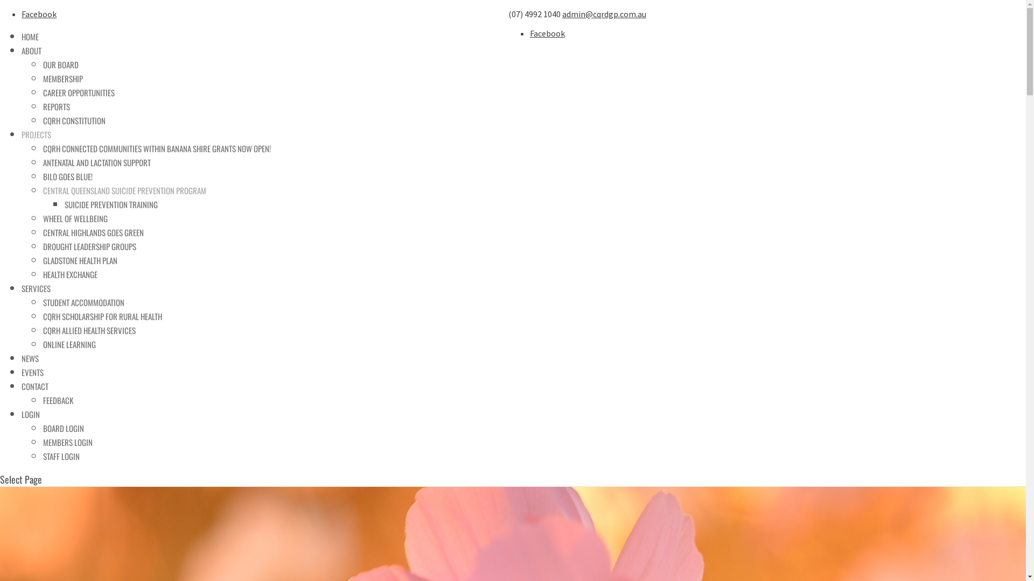 The image size is (1034, 581). What do you see at coordinates (61, 456) in the screenshot?
I see `'STAFF LOGIN'` at bounding box center [61, 456].